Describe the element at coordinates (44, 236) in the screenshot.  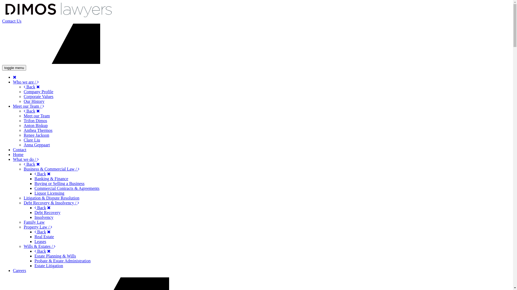
I see `'Real Estate'` at that location.